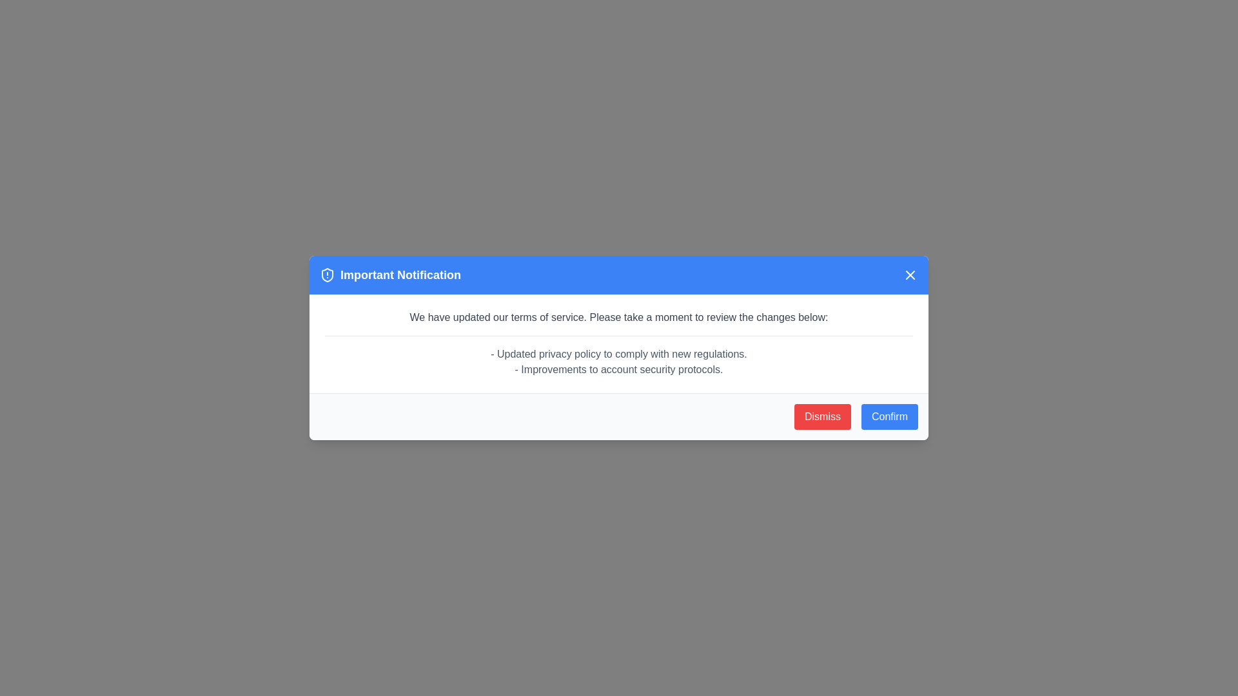 Image resolution: width=1238 pixels, height=696 pixels. Describe the element at coordinates (389, 275) in the screenshot. I see `the notification title to highlight it` at that location.